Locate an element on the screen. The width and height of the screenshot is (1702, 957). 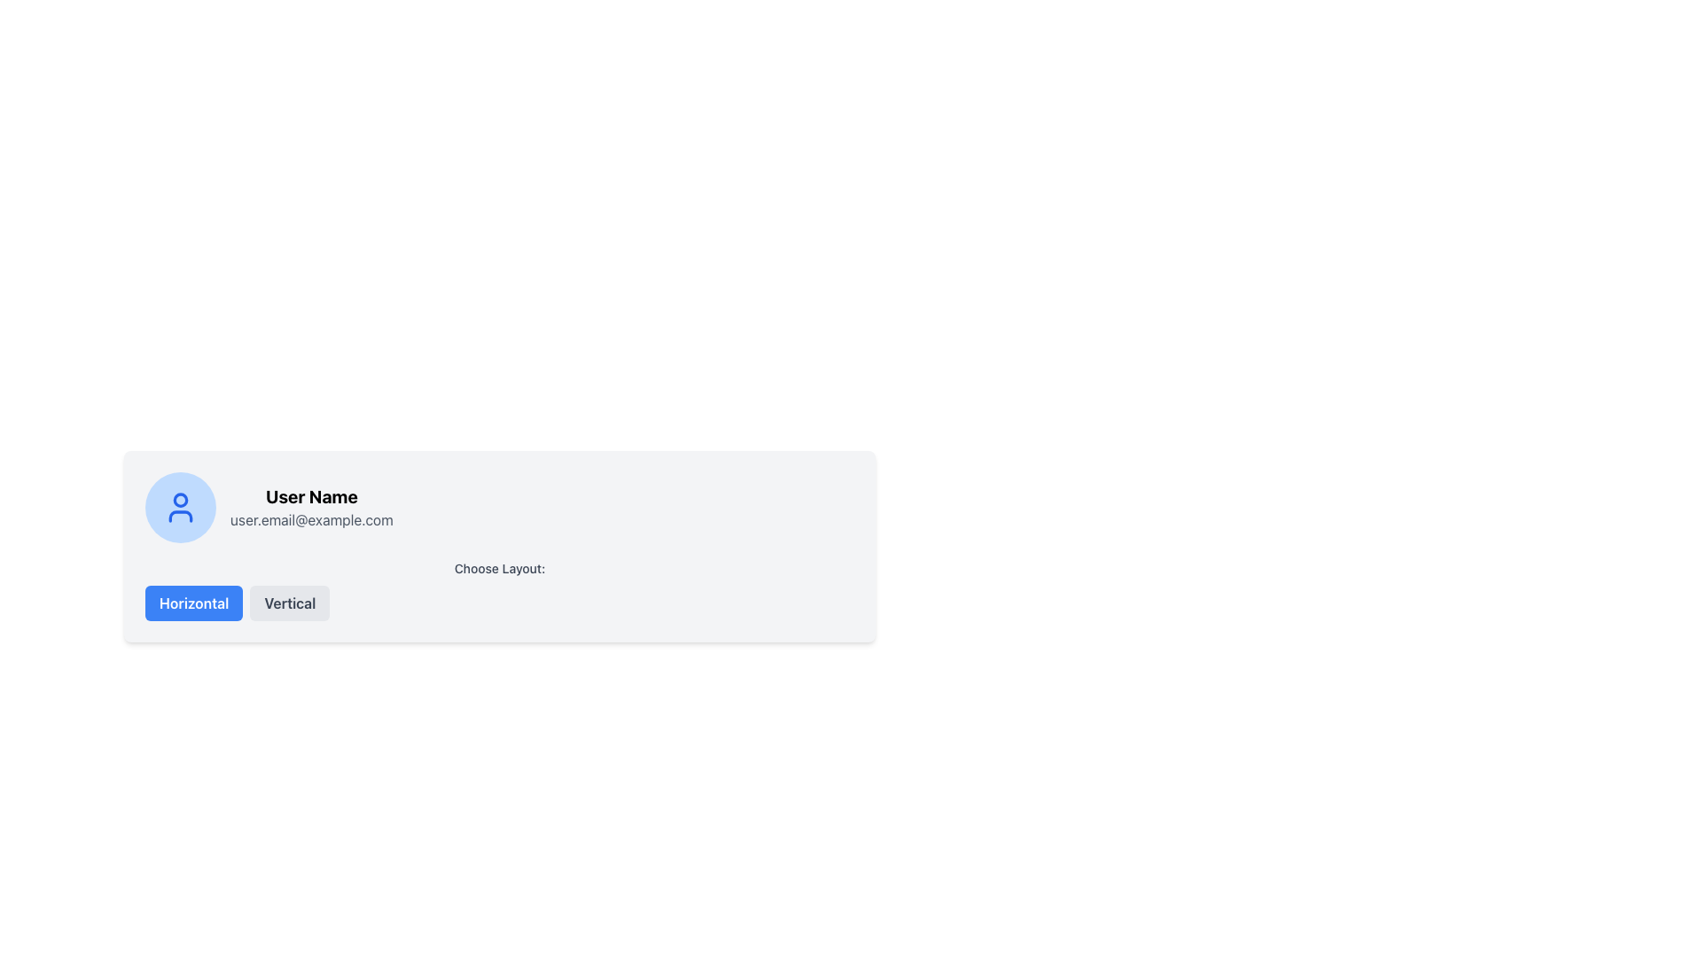
the 'Horizontal' button with blue background and white bold text, located at the bottom-left corner of the layout selection interface is located at coordinates (194, 603).